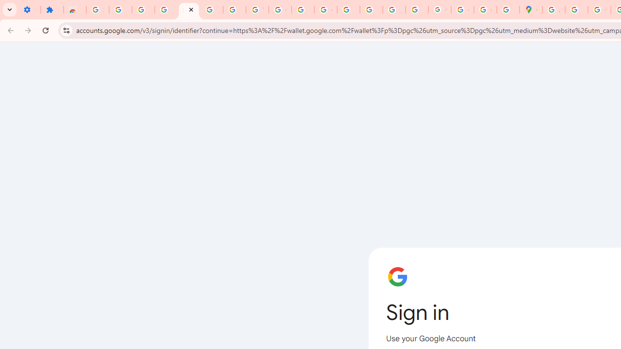 Image resolution: width=621 pixels, height=349 pixels. Describe the element at coordinates (189, 10) in the screenshot. I see `'Sign in - Google Accounts'` at that location.